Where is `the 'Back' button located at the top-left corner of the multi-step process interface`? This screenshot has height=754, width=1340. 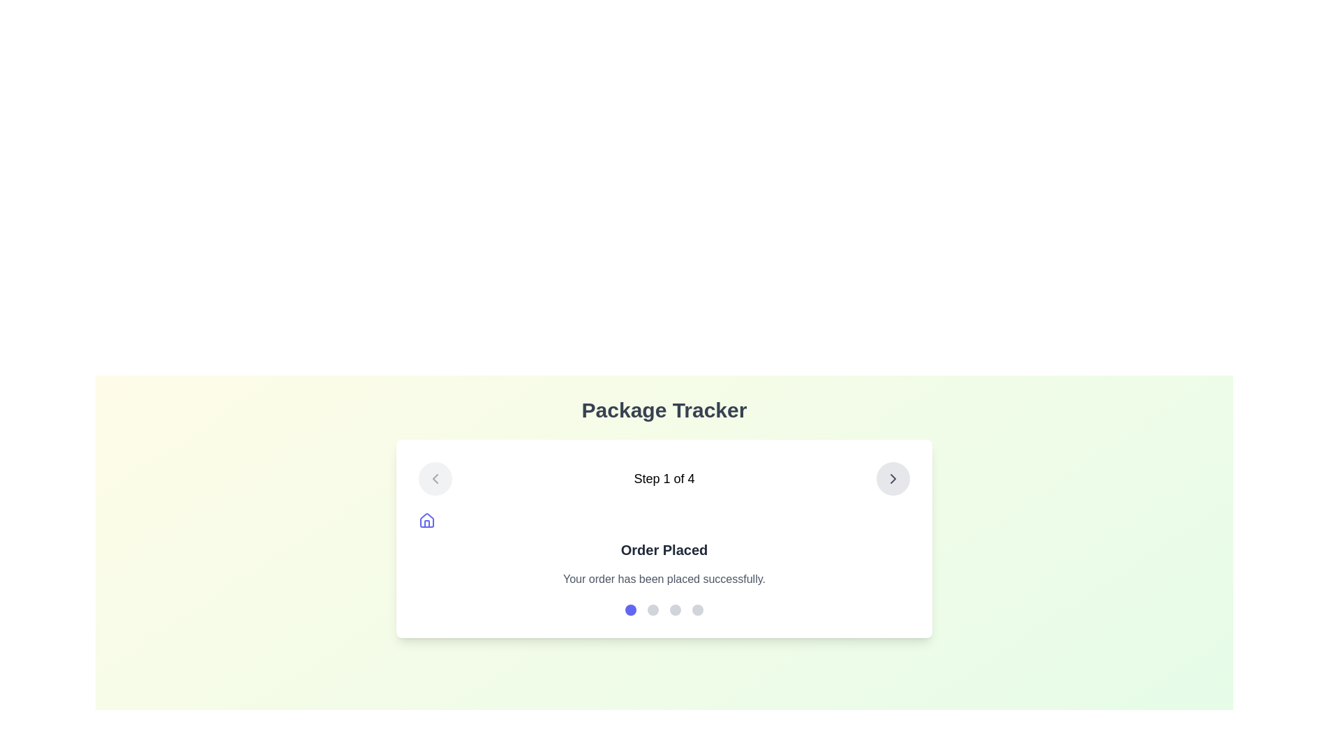 the 'Back' button located at the top-left corner of the multi-step process interface is located at coordinates (435, 478).